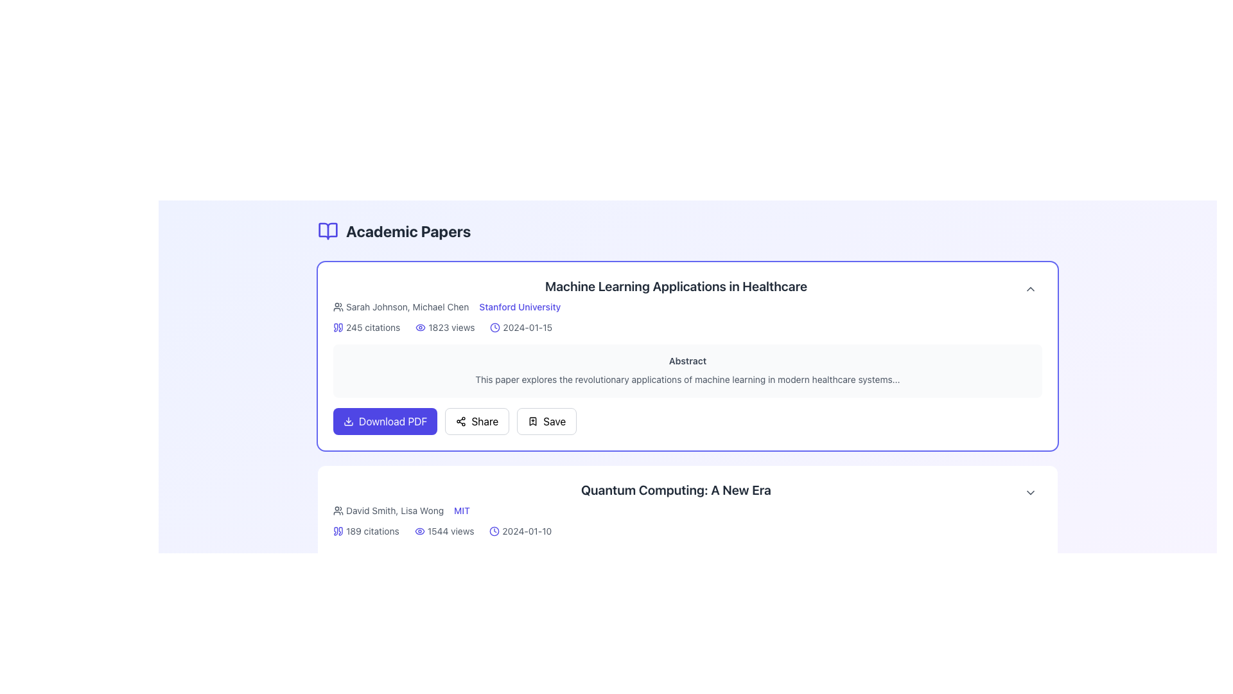 This screenshot has height=694, width=1233. I want to click on the download icon located on the left side of the 'Download PDF' button, so click(348, 421).